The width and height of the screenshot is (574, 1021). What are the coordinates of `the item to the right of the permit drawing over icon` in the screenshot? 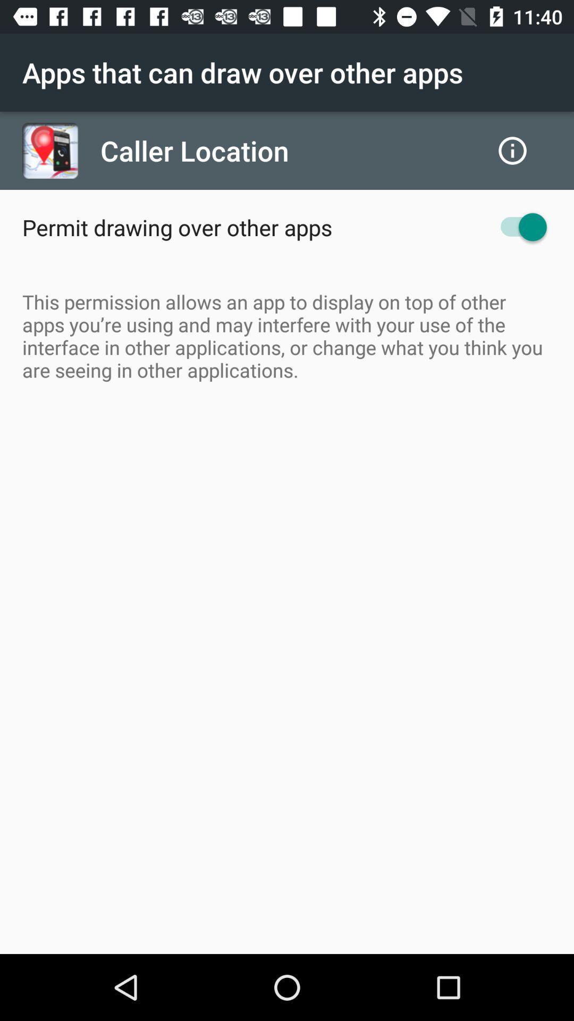 It's located at (518, 227).